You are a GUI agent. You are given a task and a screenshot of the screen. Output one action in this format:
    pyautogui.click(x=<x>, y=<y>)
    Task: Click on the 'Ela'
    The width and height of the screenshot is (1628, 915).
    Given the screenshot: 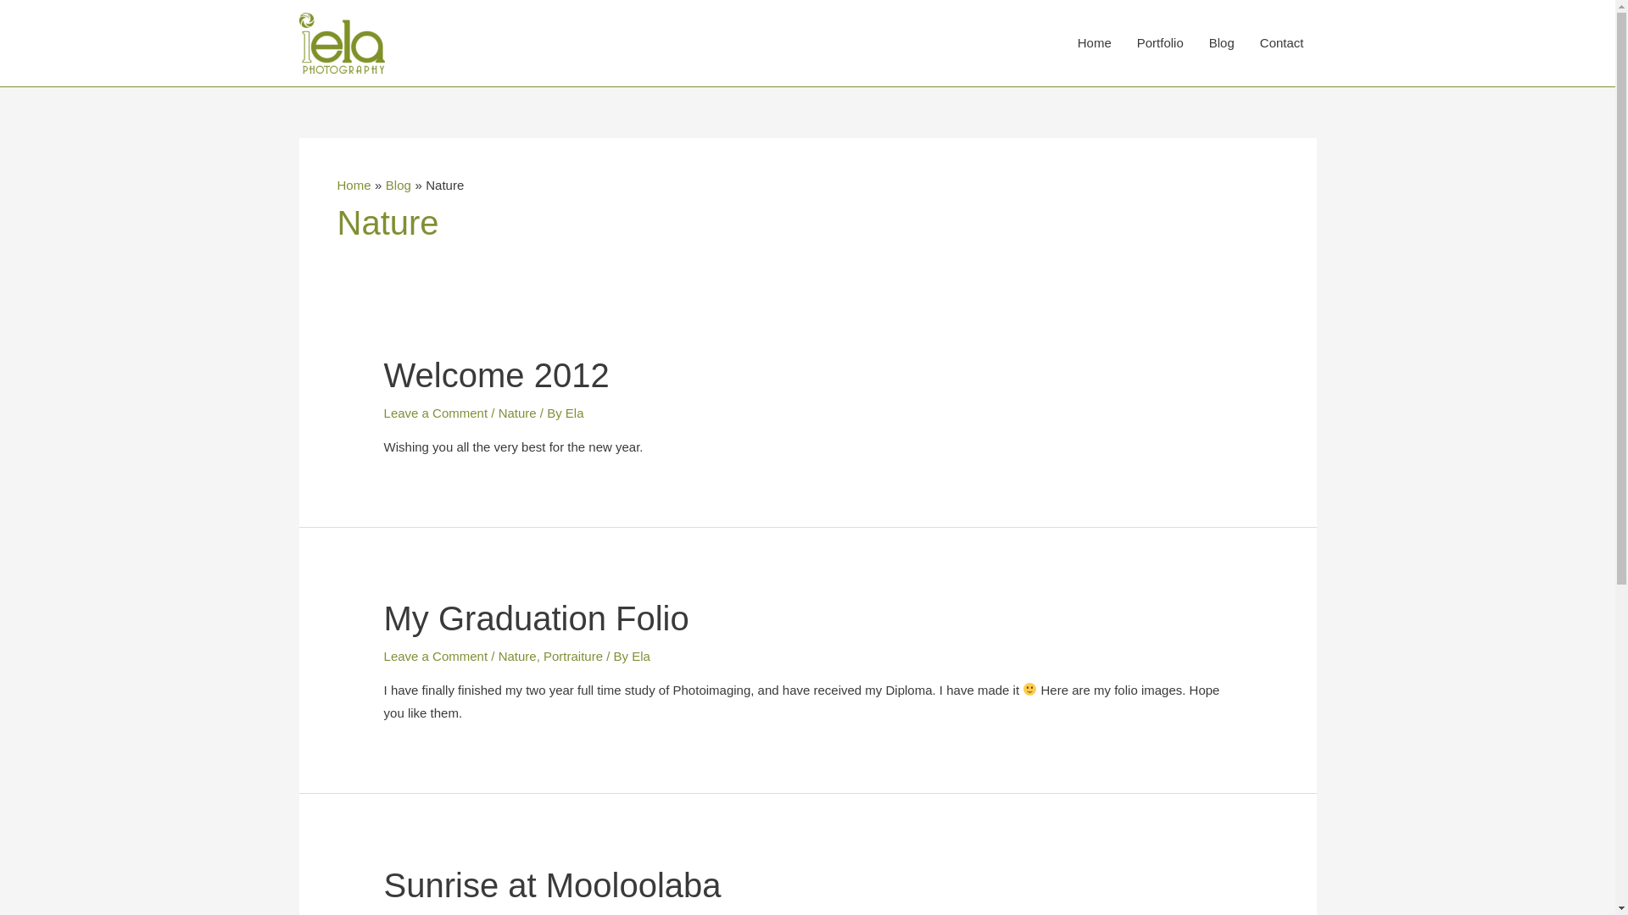 What is the action you would take?
    pyautogui.click(x=639, y=655)
    